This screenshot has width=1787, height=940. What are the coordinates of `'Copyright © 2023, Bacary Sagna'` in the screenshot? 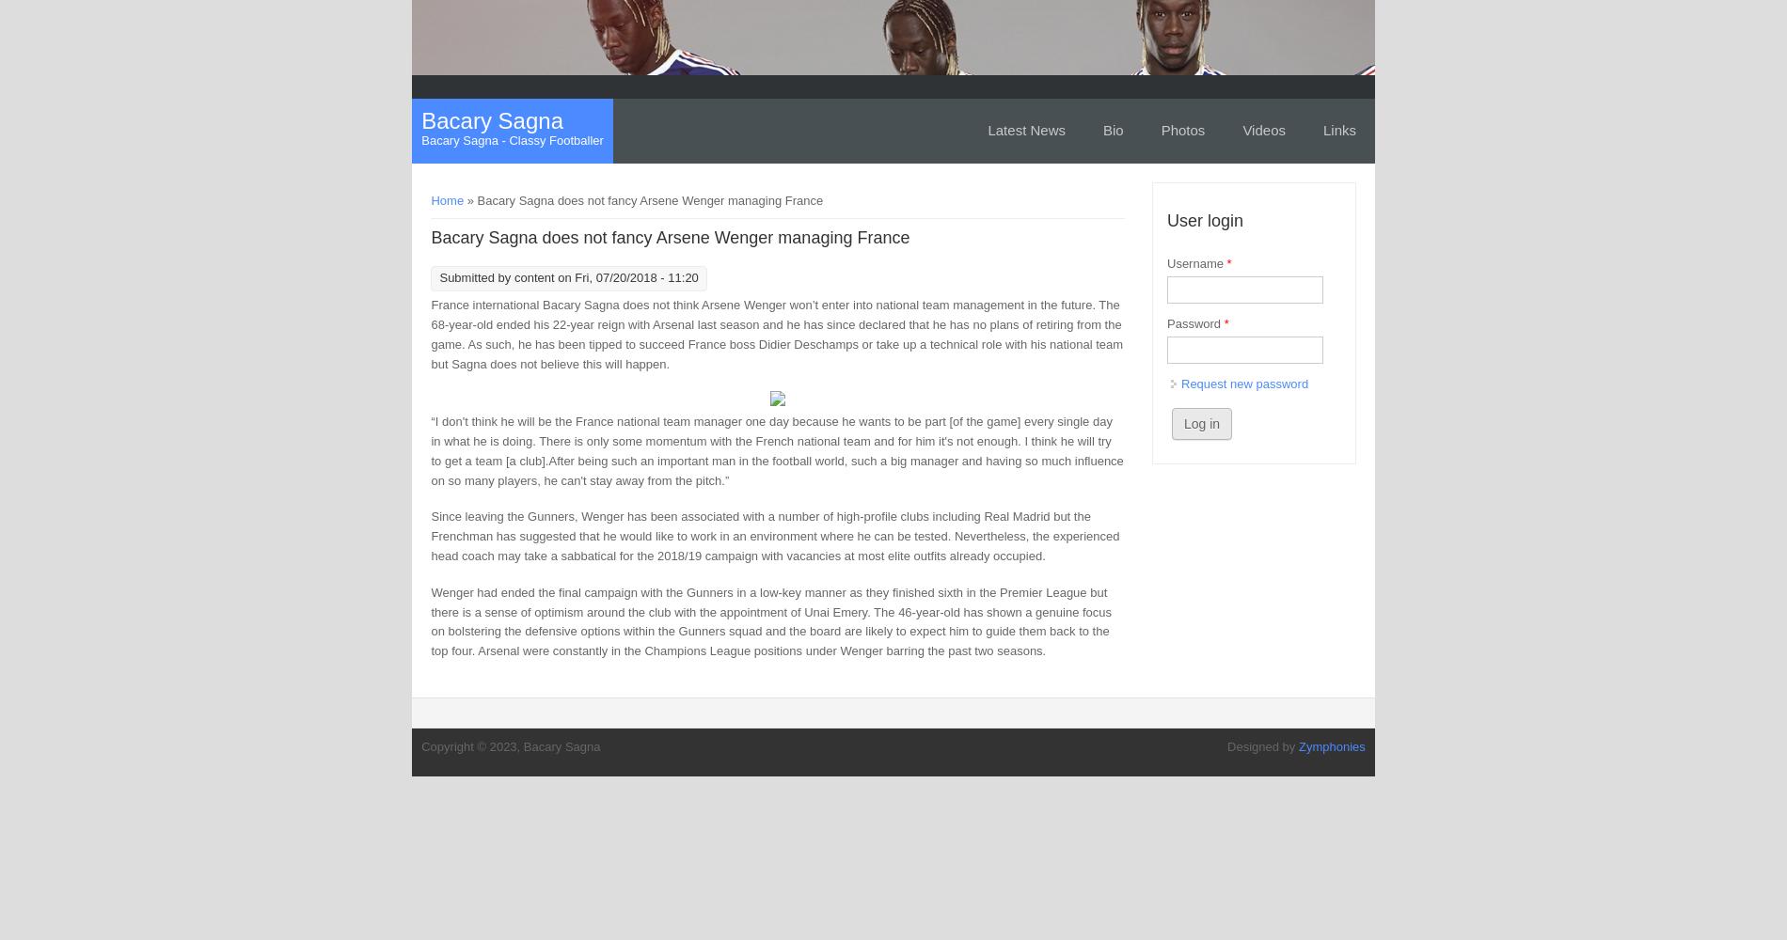 It's located at (511, 745).